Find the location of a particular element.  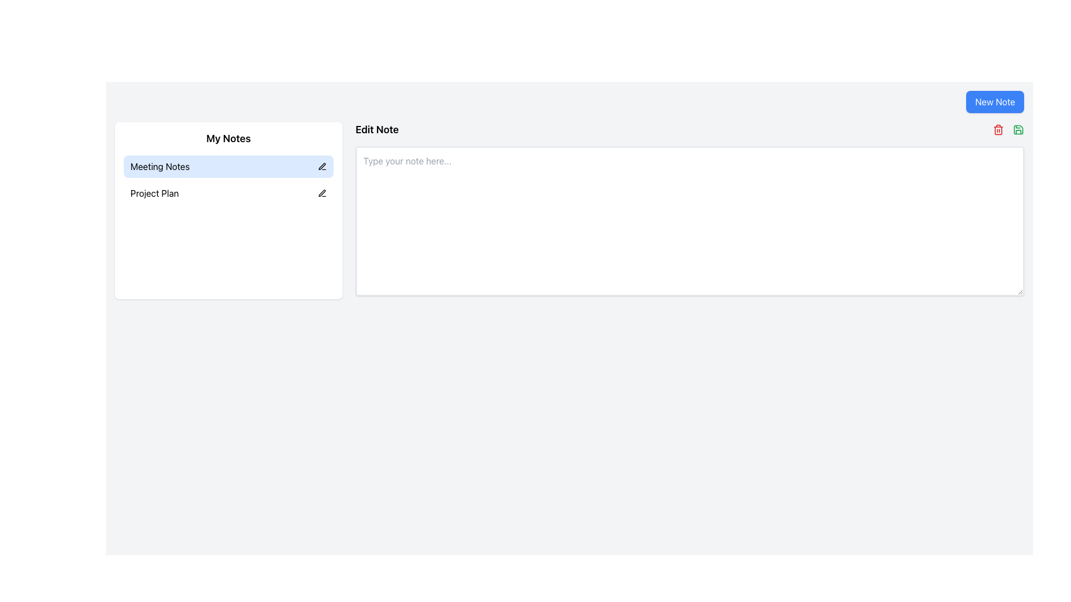

the icon button located in the 'Meeting Notes' row in the 'My Notes' section to initiate edit mode for the note is located at coordinates (321, 192).